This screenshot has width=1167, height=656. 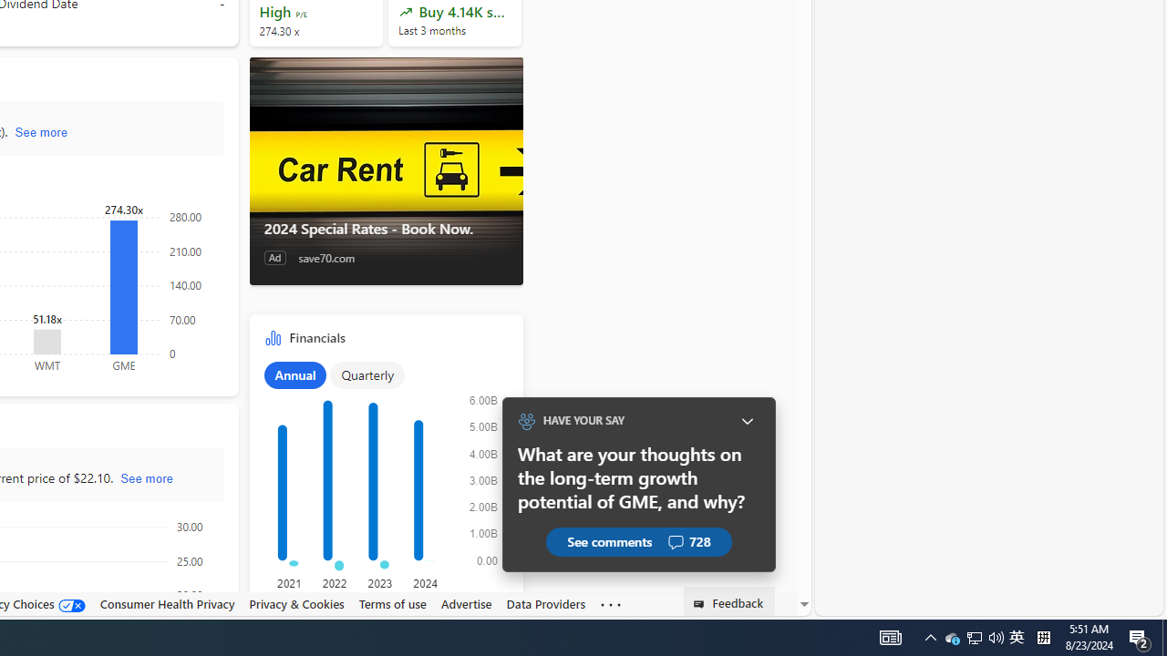 What do you see at coordinates (391, 603) in the screenshot?
I see `'Terms of use'` at bounding box center [391, 603].